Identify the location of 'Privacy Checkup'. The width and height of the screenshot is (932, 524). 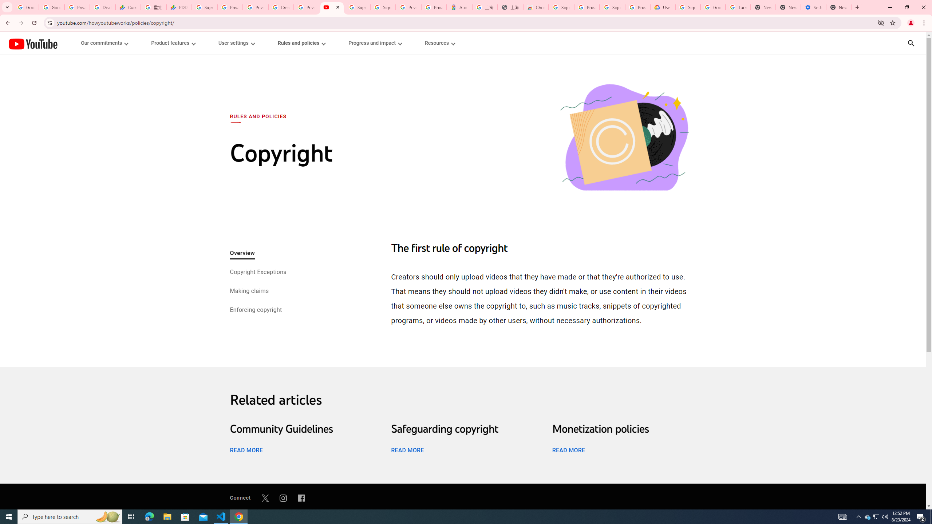
(255, 7).